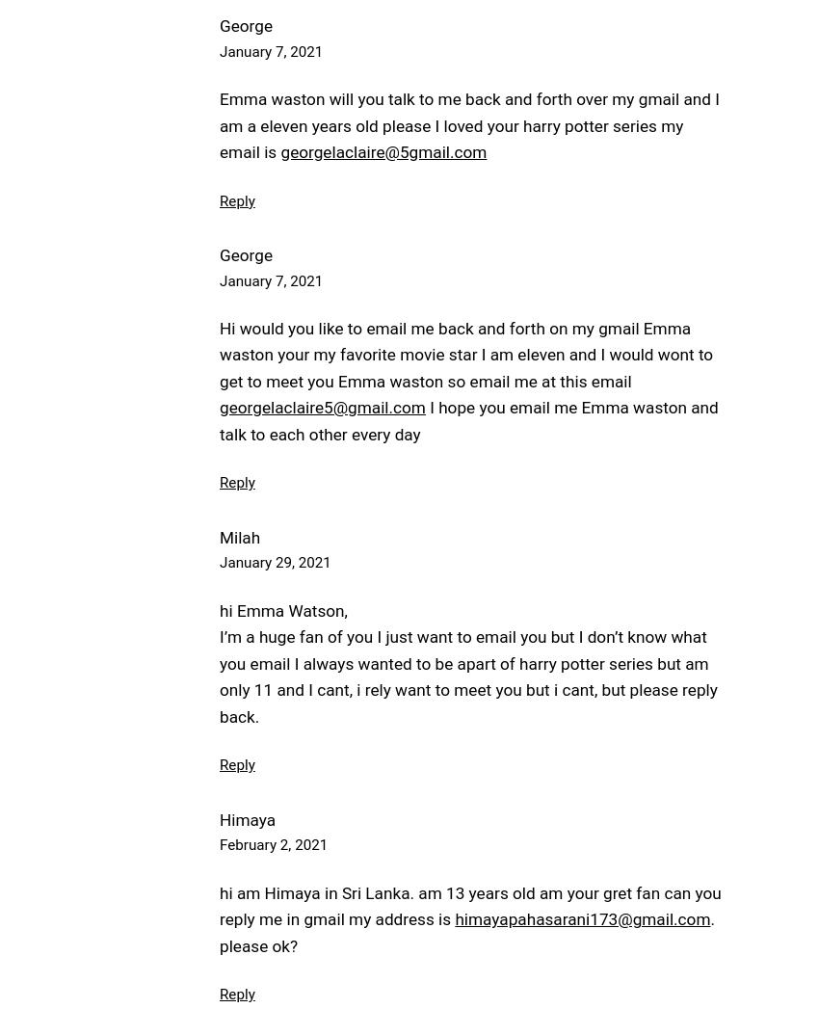  I want to click on 'Milah', so click(239, 535).